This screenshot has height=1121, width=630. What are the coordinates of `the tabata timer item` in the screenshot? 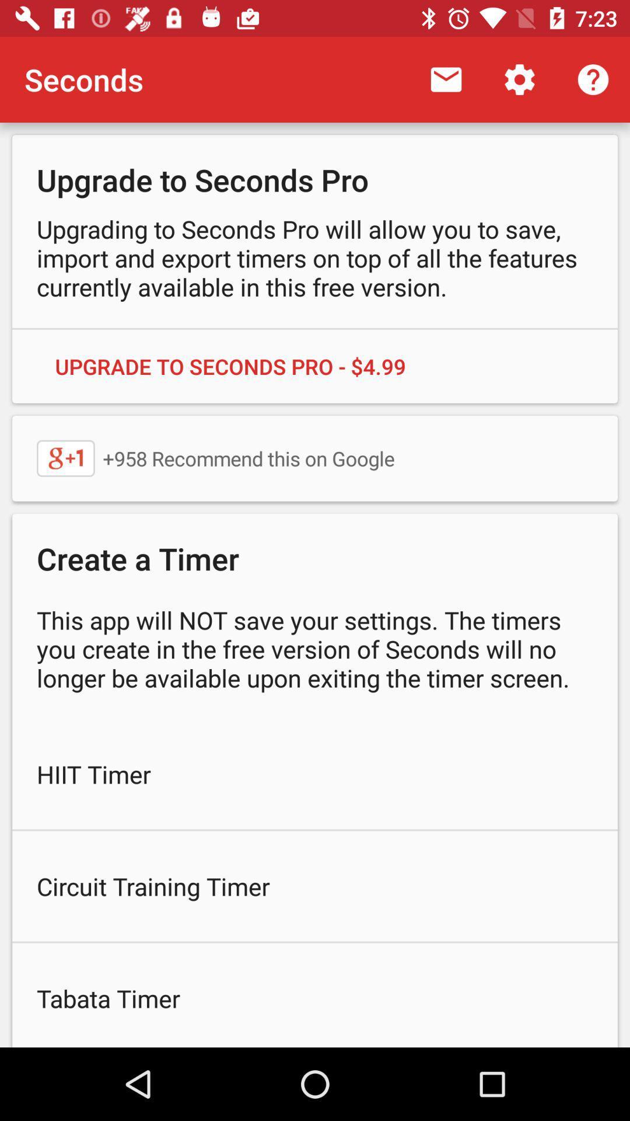 It's located at (315, 994).